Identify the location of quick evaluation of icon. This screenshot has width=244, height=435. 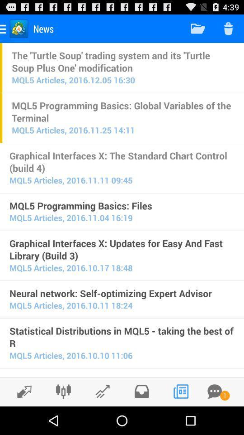
(122, 376).